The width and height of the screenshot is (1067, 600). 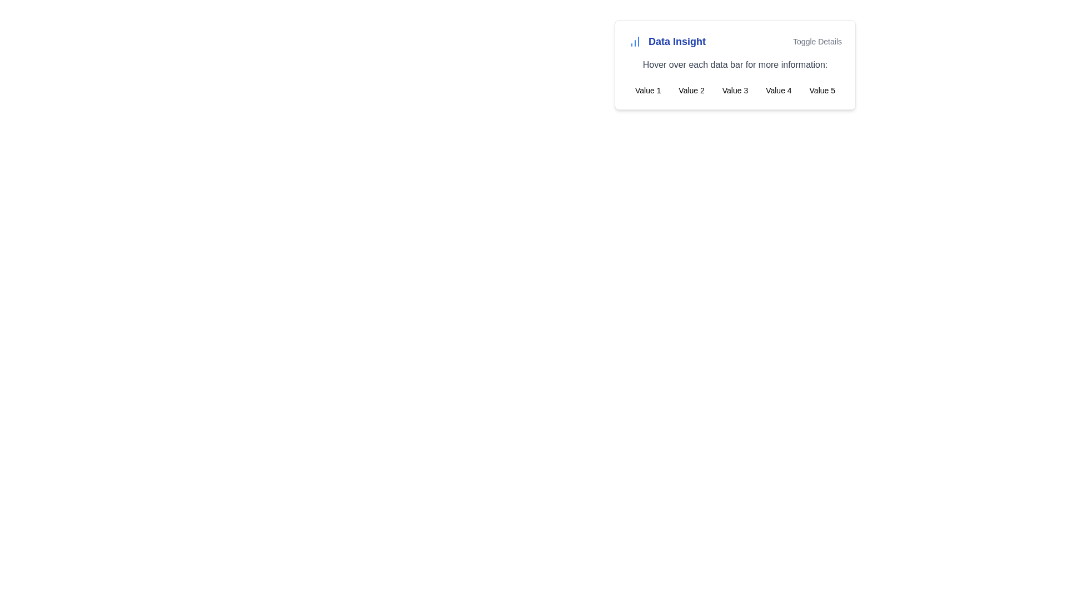 What do you see at coordinates (735, 87) in the screenshot?
I see `the item labeled 'Value 3' in the horizontal grid` at bounding box center [735, 87].